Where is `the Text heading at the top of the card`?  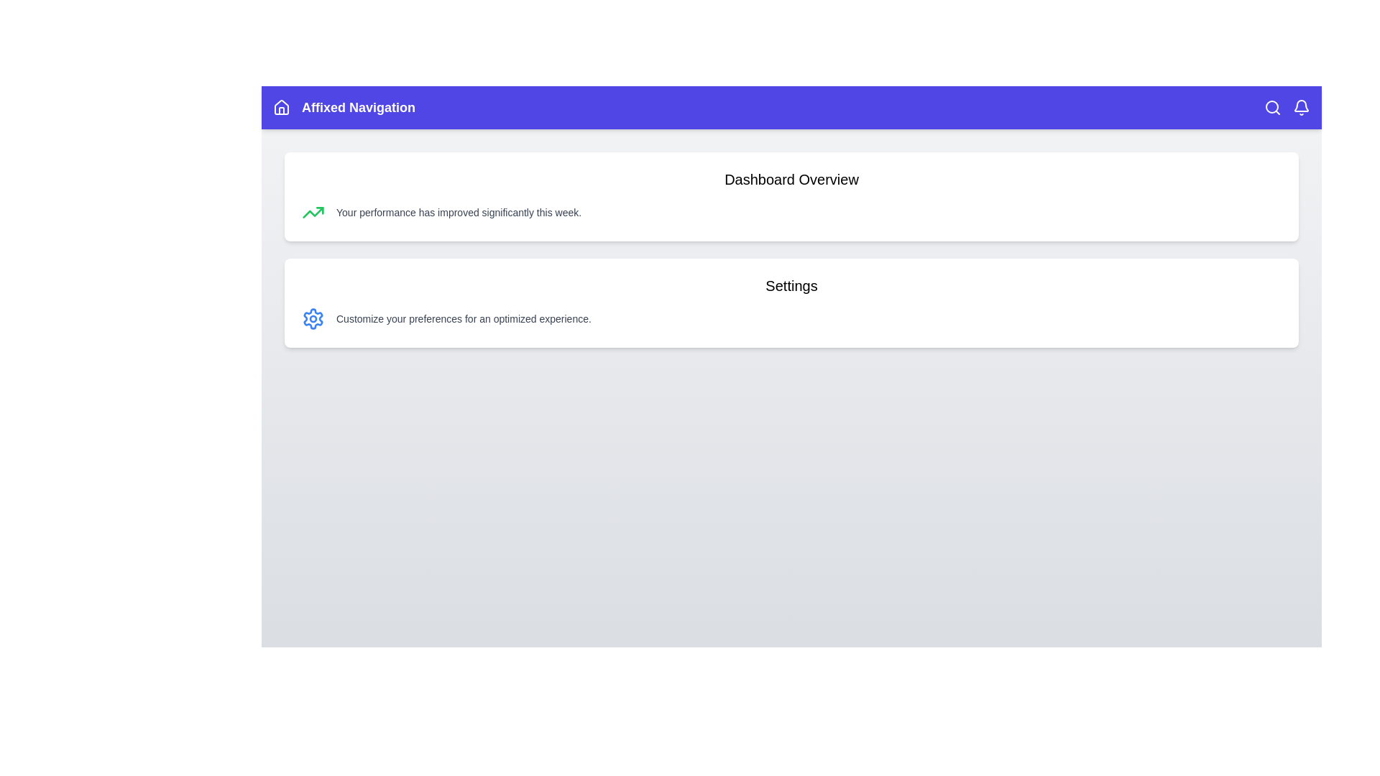 the Text heading at the top of the card is located at coordinates (791, 179).